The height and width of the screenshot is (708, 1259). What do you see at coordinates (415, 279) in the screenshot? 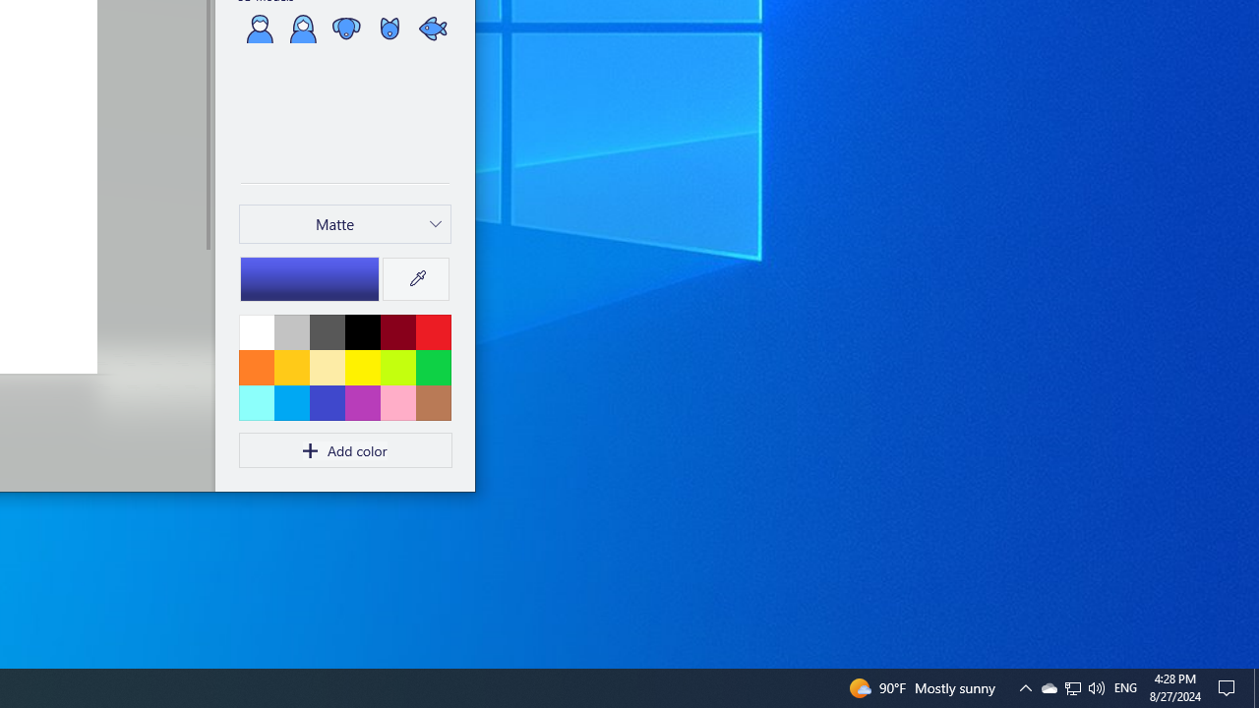
I see `'Eyedropper'` at bounding box center [415, 279].